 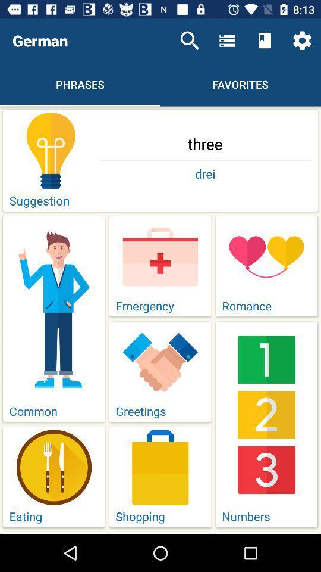 What do you see at coordinates (227, 41) in the screenshot?
I see `the item above favorites item` at bounding box center [227, 41].